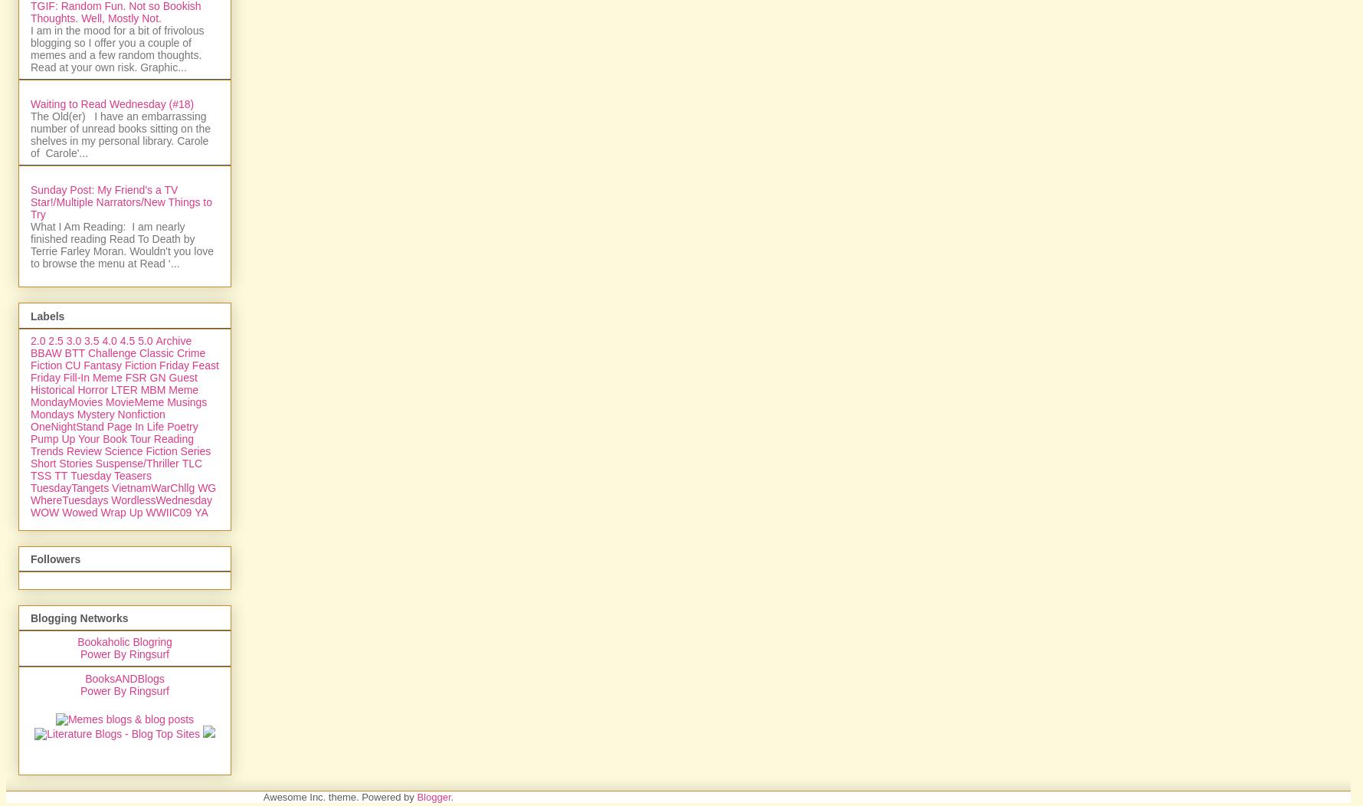  What do you see at coordinates (121, 678) in the screenshot?
I see `'Wrap Up'` at bounding box center [121, 678].